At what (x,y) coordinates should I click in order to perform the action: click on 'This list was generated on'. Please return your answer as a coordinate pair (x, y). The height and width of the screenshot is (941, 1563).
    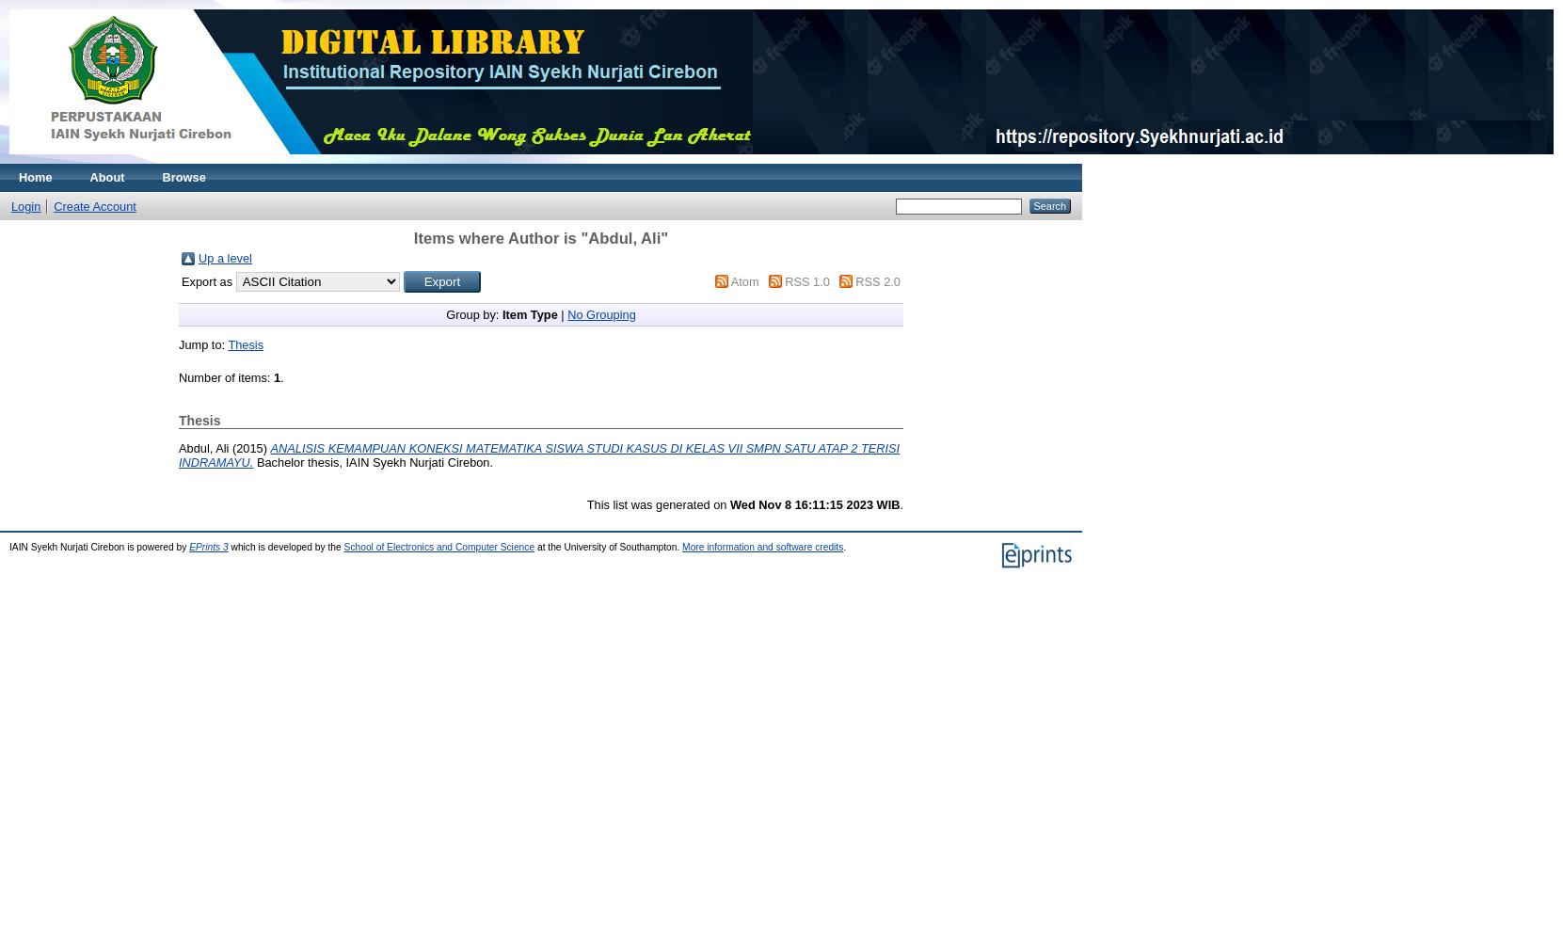
    Looking at the image, I should click on (658, 503).